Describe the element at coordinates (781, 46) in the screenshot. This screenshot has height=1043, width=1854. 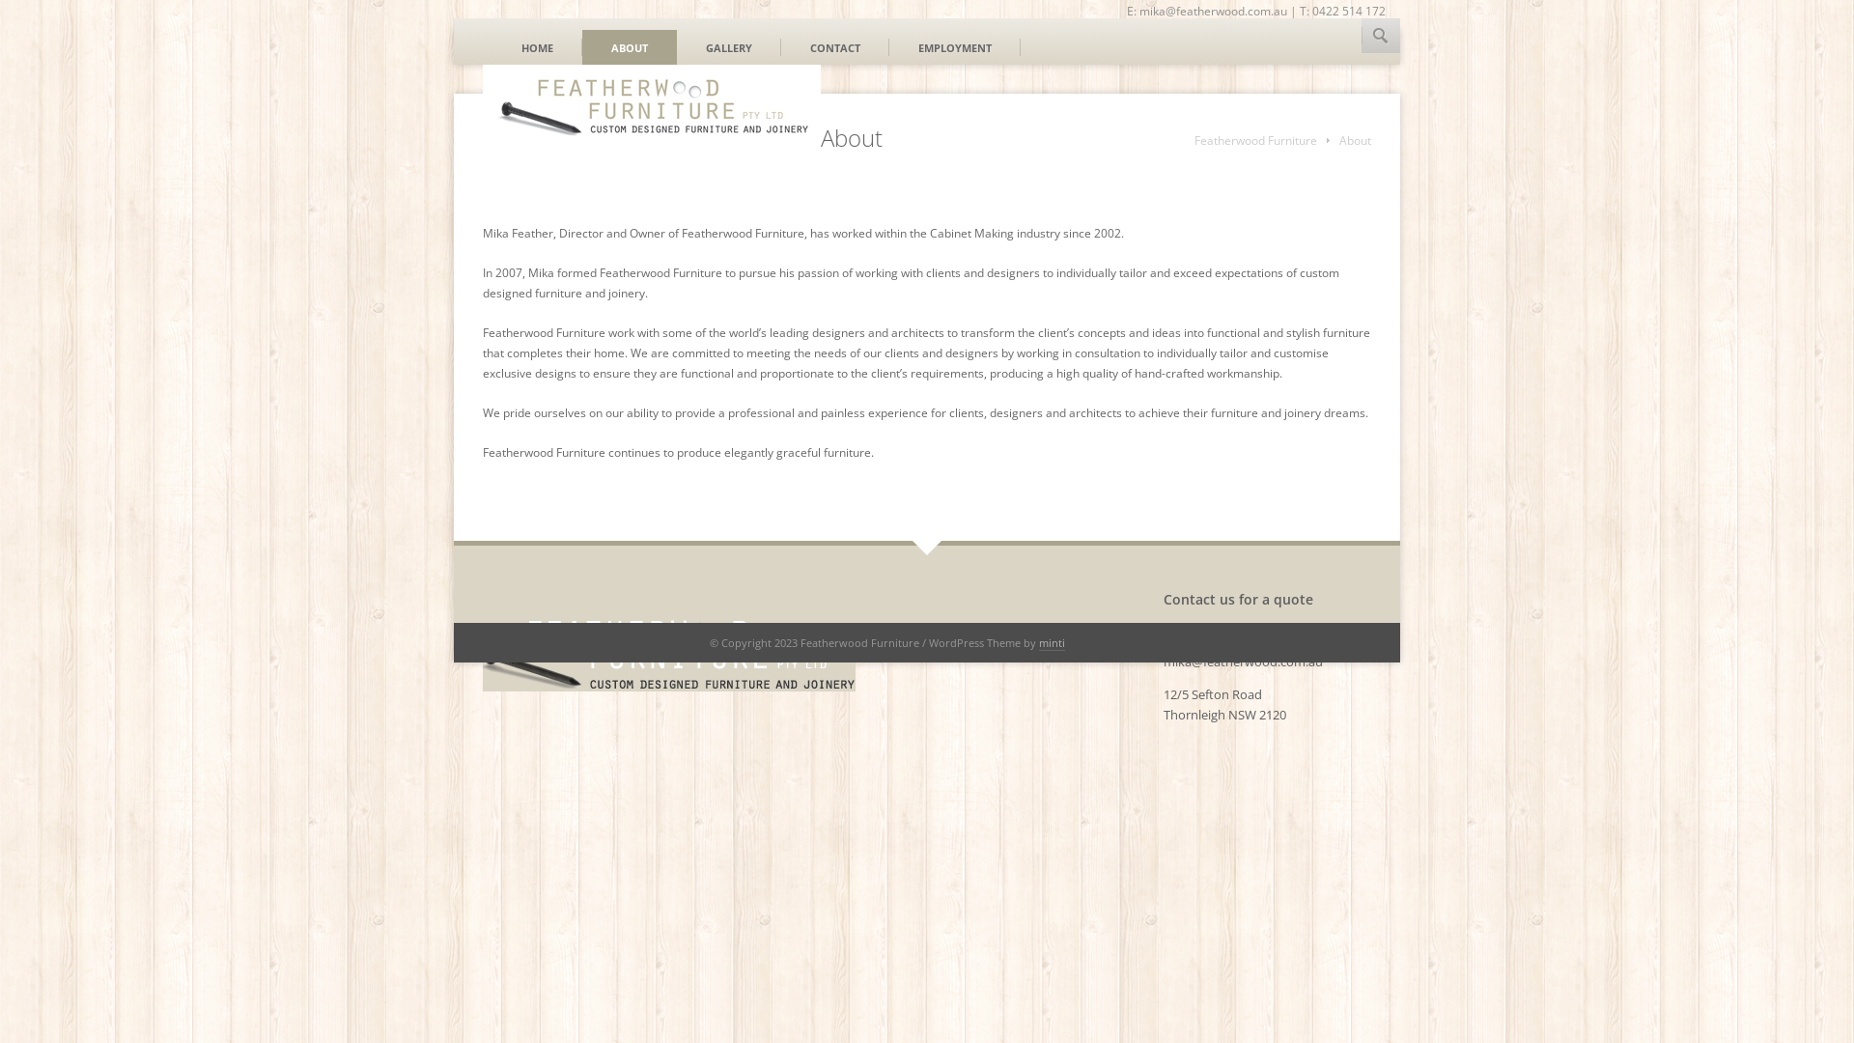
I see `'CONTACT'` at that location.